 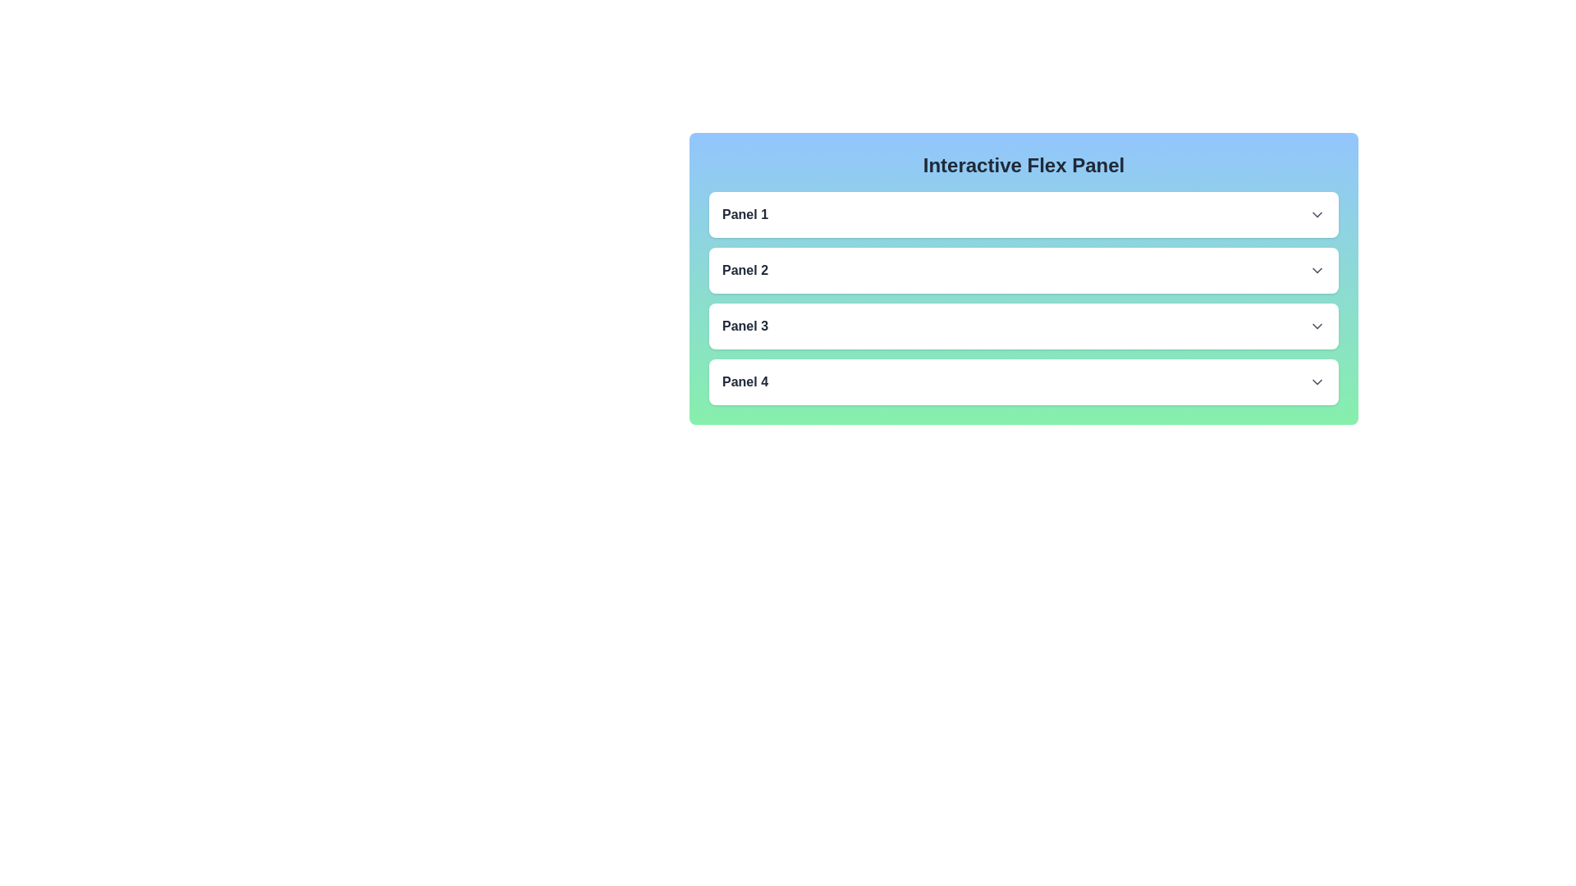 I want to click on text content of the Text Label indicating 'Panel 1', which serves as the header for the first collapsible panel, so click(x=744, y=214).